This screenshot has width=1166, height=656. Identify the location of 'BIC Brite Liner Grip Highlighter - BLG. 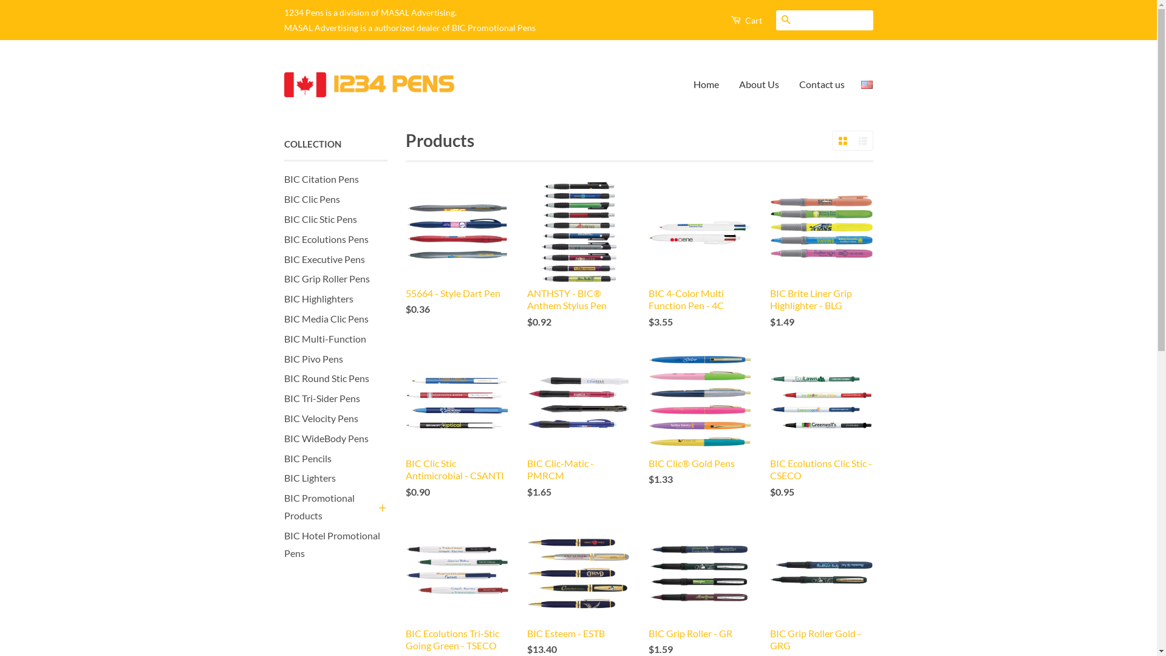
(822, 264).